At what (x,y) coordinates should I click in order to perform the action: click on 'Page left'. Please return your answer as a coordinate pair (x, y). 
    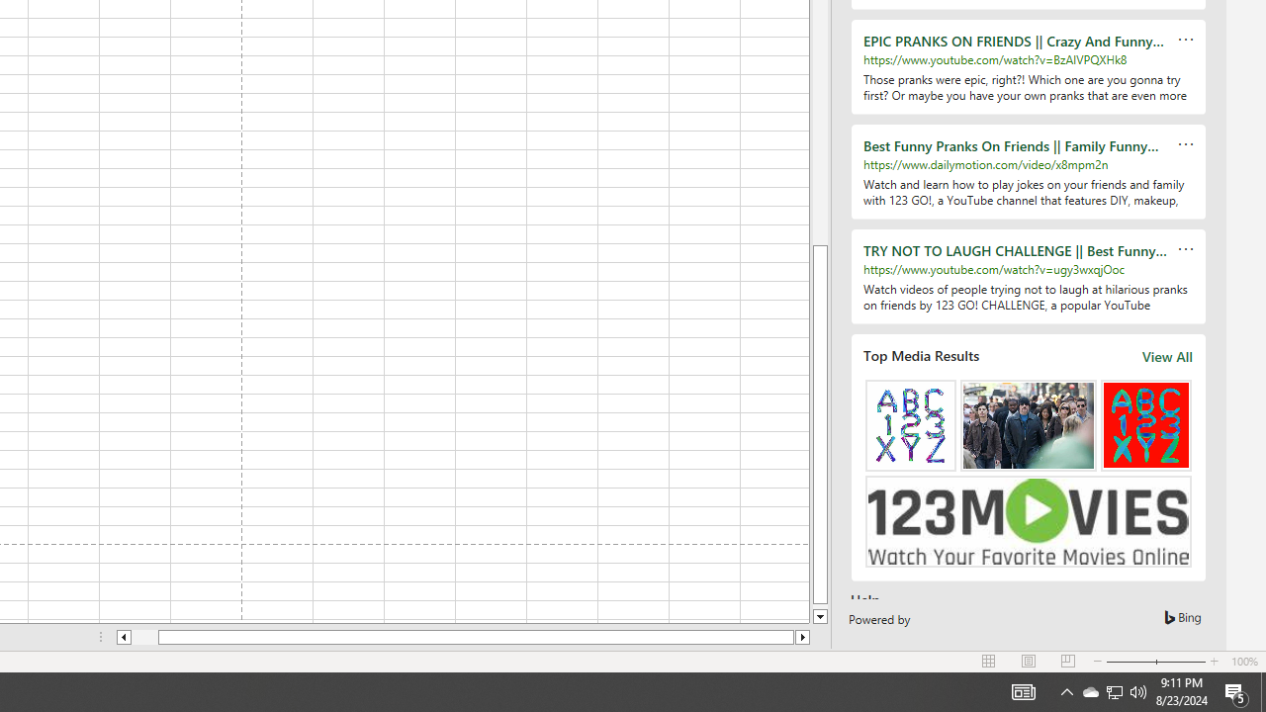
    Looking at the image, I should click on (143, 637).